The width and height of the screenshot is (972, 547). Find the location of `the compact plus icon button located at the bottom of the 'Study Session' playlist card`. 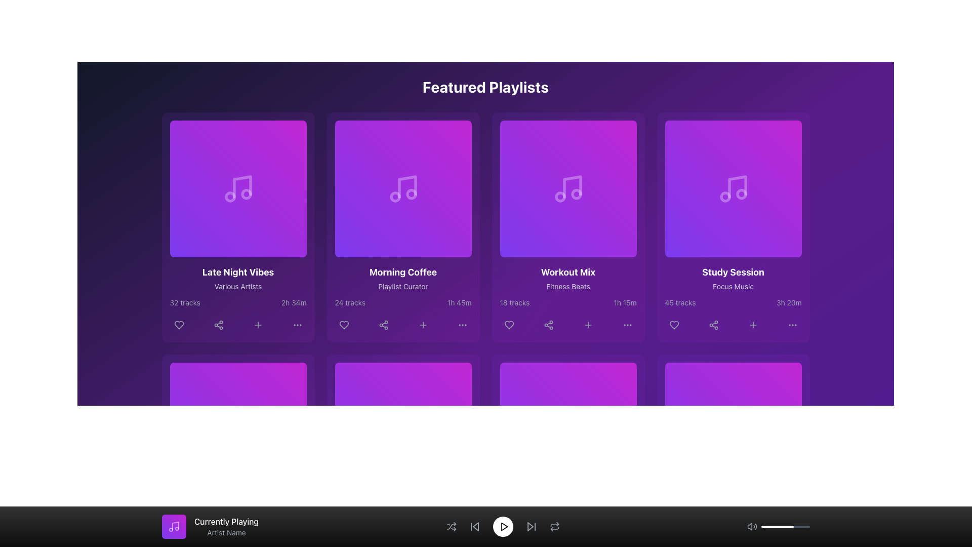

the compact plus icon button located at the bottom of the 'Study Session' playlist card is located at coordinates (753, 325).